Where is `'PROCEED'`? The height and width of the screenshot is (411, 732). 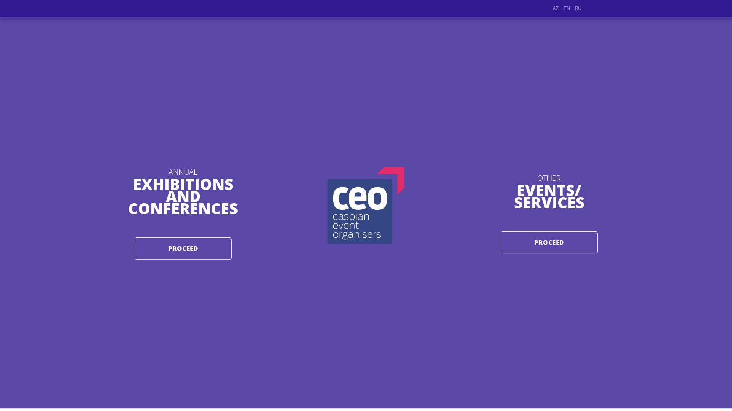
'PROCEED' is located at coordinates (182, 248).